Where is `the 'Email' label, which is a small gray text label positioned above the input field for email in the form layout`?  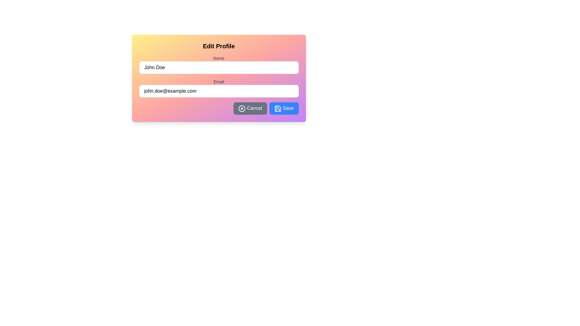
the 'Email' label, which is a small gray text label positioned above the input field for email in the form layout is located at coordinates (218, 81).